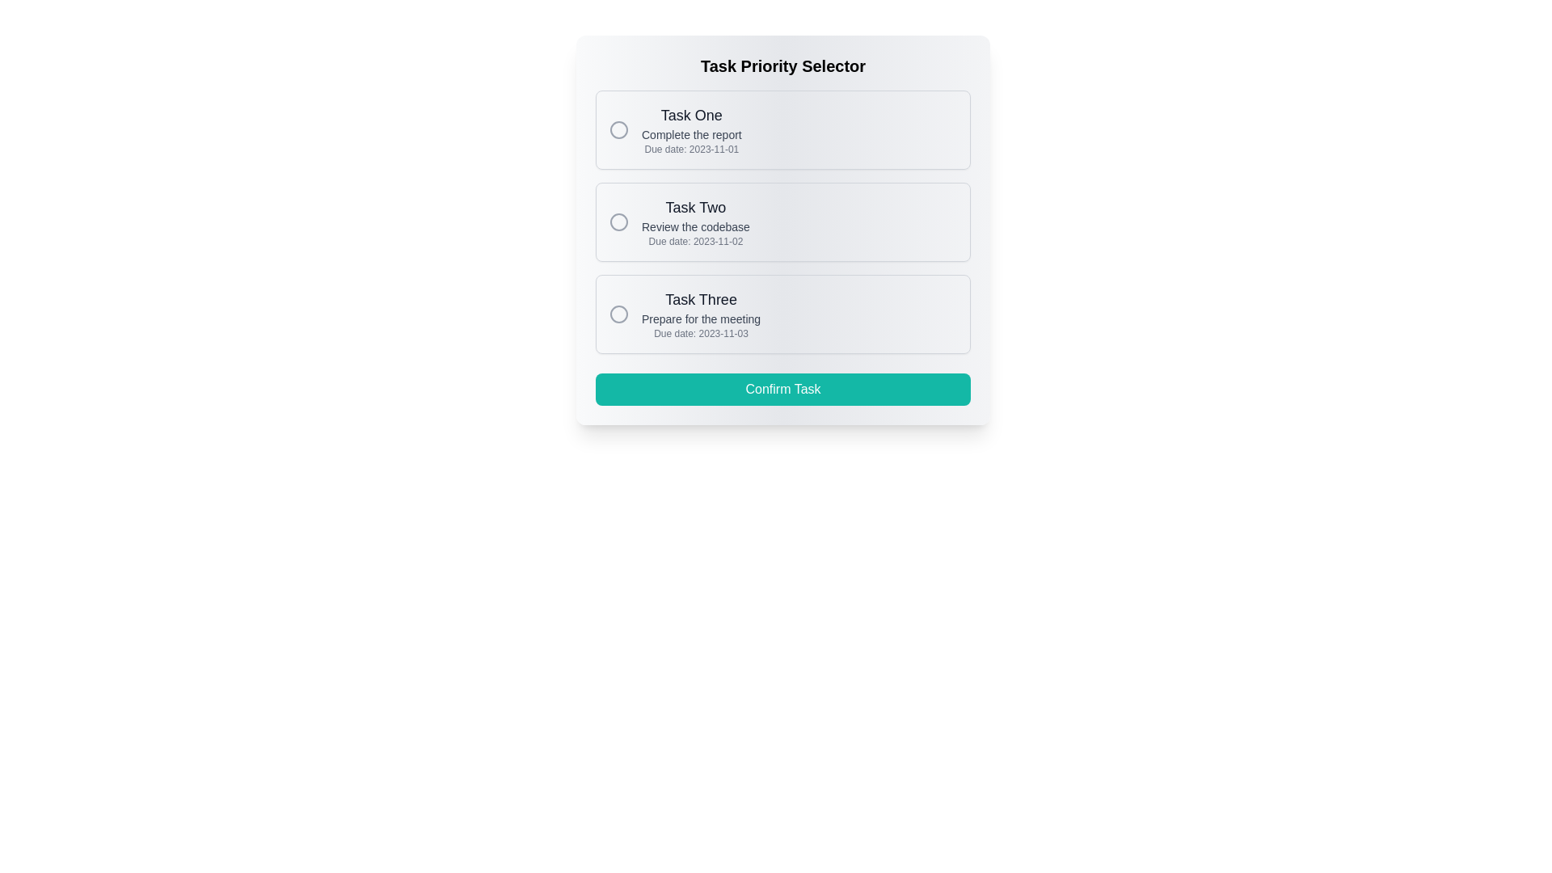 This screenshot has height=873, width=1552. I want to click on the text label displaying 'Due date: 2023-11-01', which is located under 'Complete the report' in the task list for 'Task One', so click(691, 150).